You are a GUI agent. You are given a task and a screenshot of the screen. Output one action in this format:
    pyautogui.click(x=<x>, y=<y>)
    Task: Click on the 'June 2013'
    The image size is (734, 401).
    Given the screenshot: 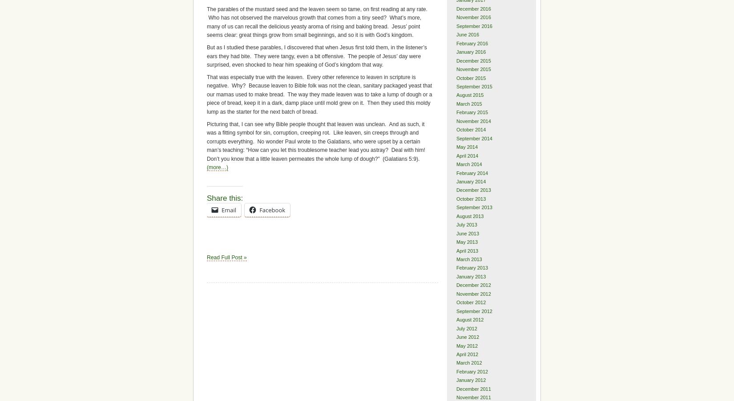 What is the action you would take?
    pyautogui.click(x=468, y=233)
    